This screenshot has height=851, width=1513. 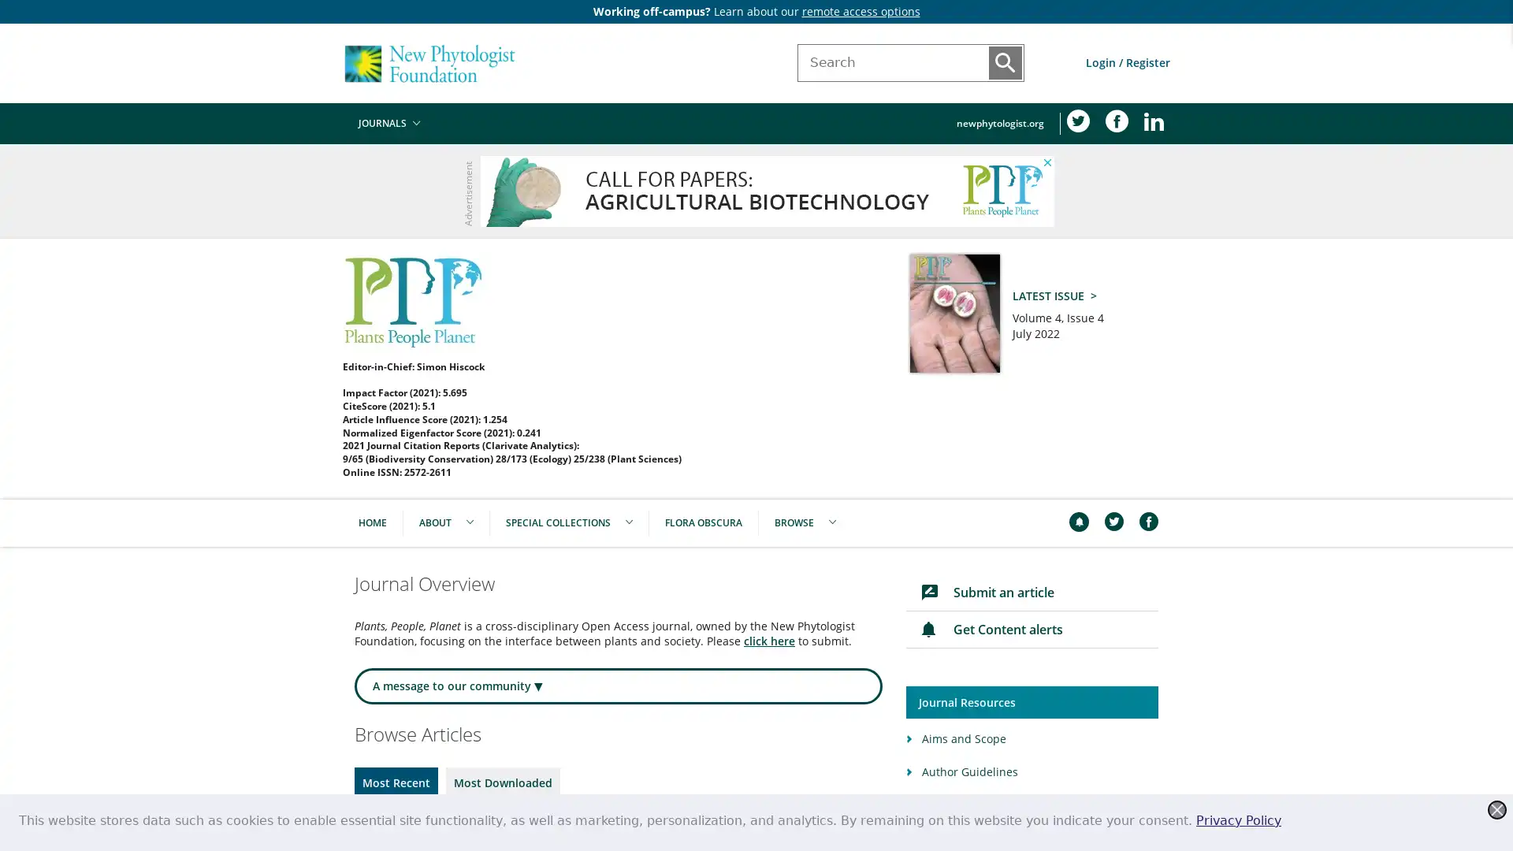 I want to click on Submit Search, so click(x=1005, y=62).